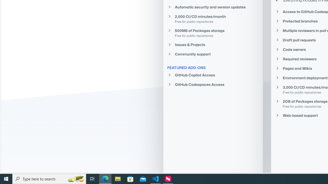 This screenshot has width=328, height=184. What do you see at coordinates (213, 18) in the screenshot?
I see `'2,000 CI/CD minutes/monthFree for public repositories'` at bounding box center [213, 18].